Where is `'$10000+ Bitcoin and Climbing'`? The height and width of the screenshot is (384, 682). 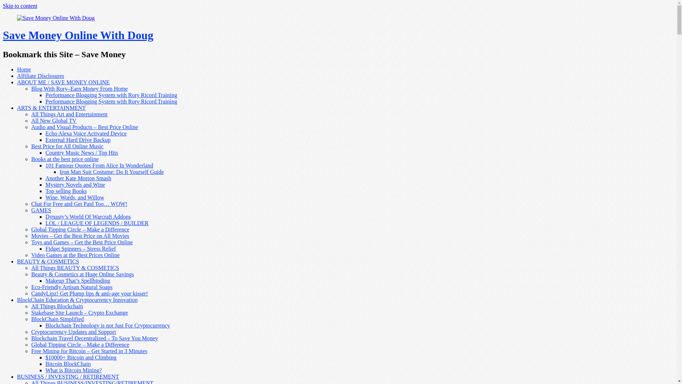
'$10000+ Bitcoin and Climbing' is located at coordinates (45, 357).